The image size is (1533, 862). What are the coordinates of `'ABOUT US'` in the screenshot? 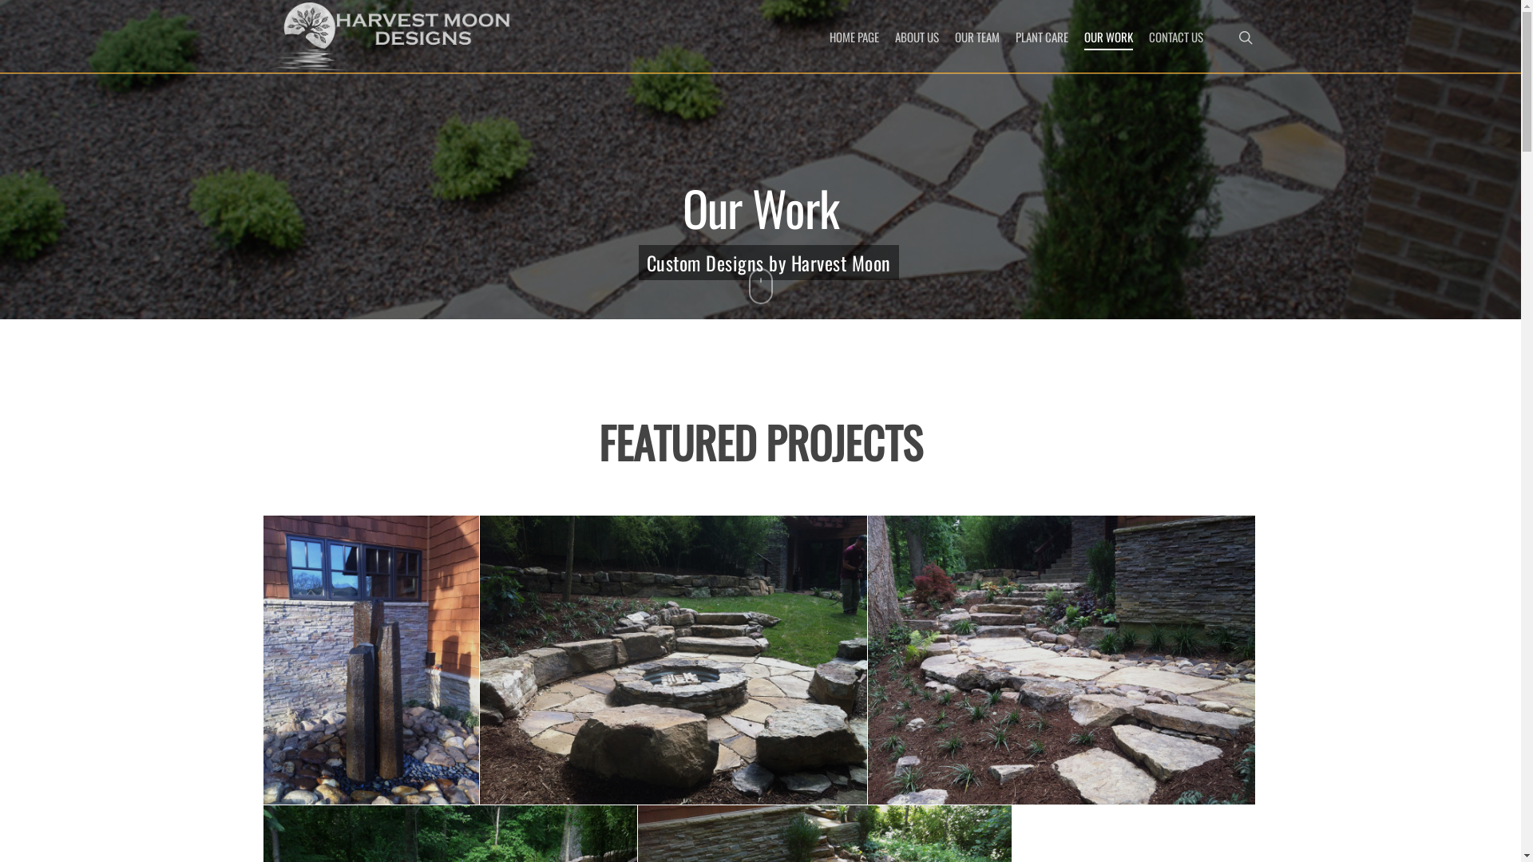 It's located at (917, 36).